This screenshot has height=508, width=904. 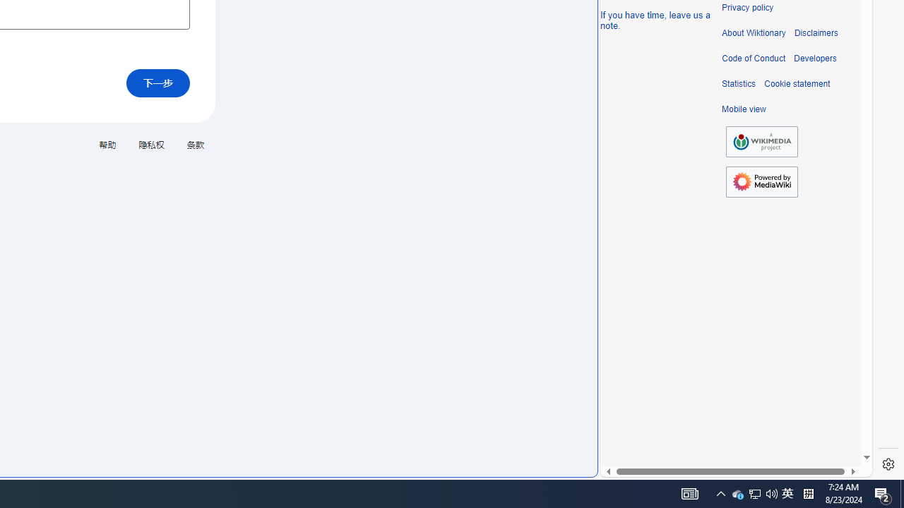 What do you see at coordinates (761, 181) in the screenshot?
I see `'AutomationID: footer-poweredbyico'` at bounding box center [761, 181].